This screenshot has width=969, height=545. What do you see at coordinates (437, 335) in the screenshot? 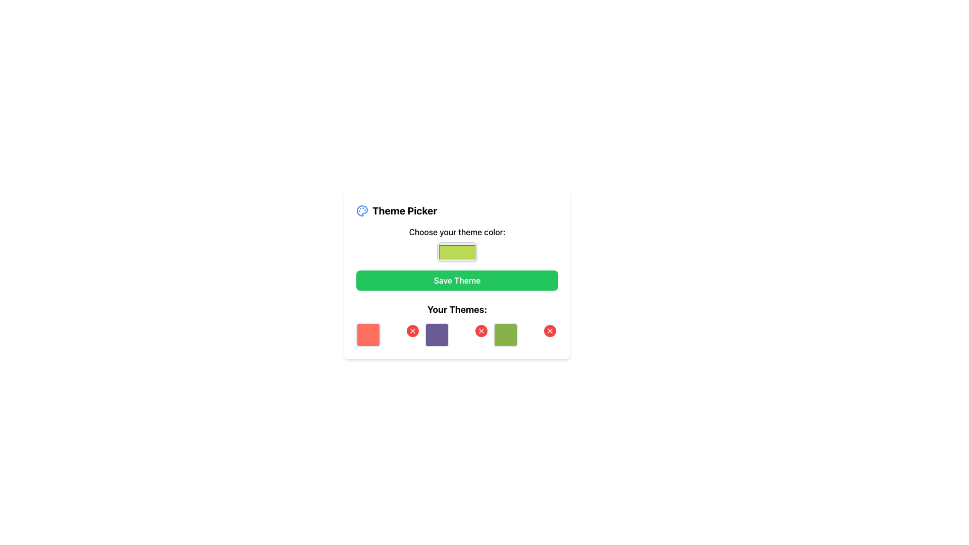
I see `the square theme/color preview block with a purple background located in the 'Your Themes' section` at bounding box center [437, 335].